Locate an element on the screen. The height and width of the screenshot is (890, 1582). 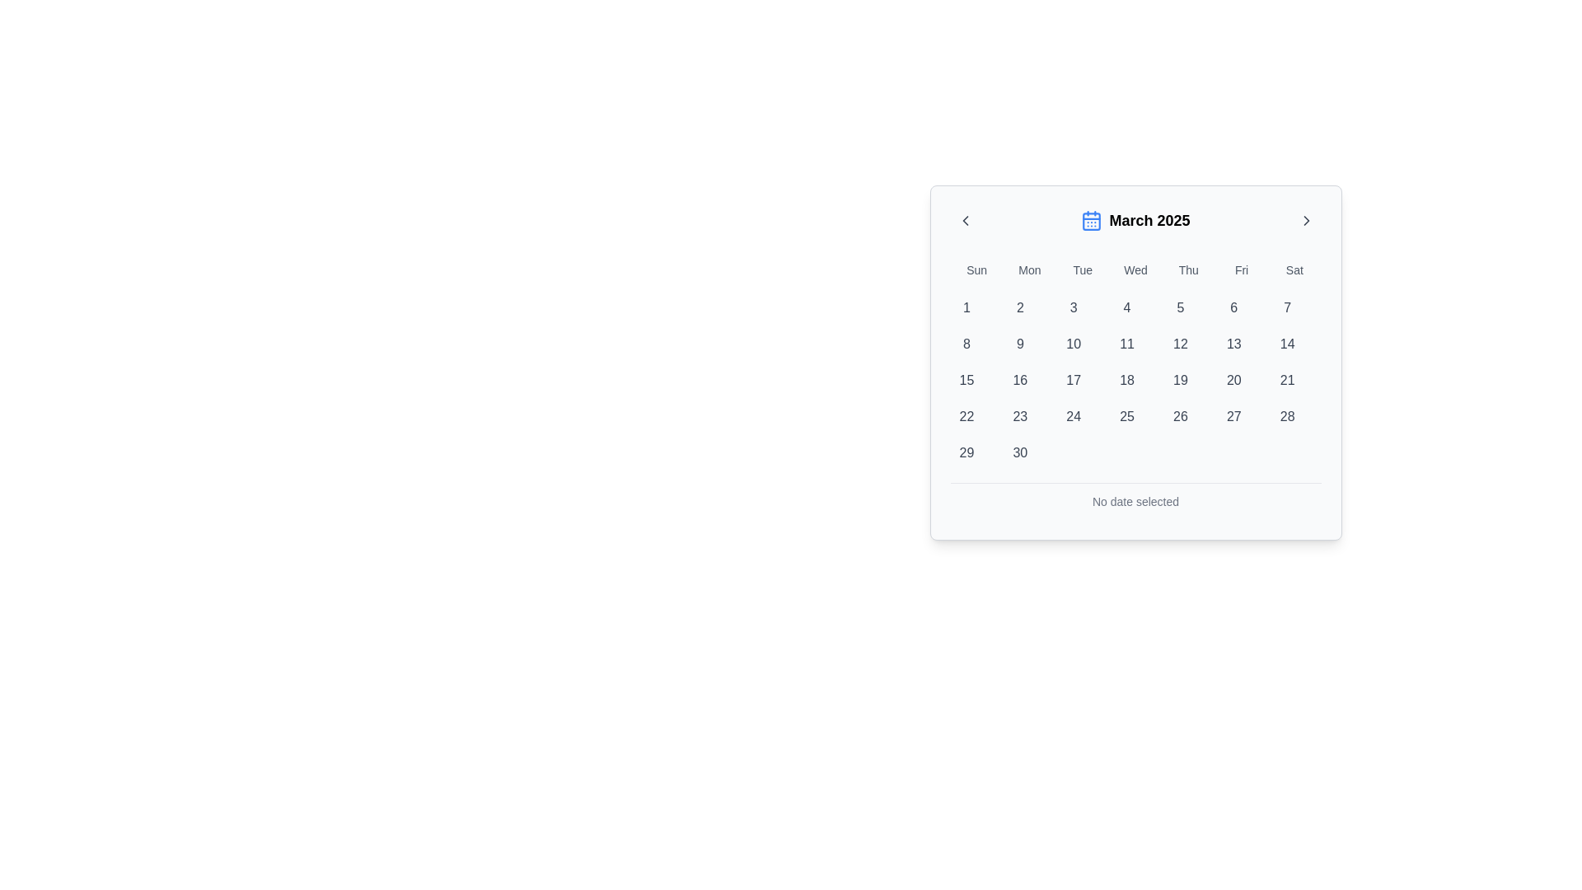
the button labeled '9' in the calendar component is located at coordinates (1019, 343).